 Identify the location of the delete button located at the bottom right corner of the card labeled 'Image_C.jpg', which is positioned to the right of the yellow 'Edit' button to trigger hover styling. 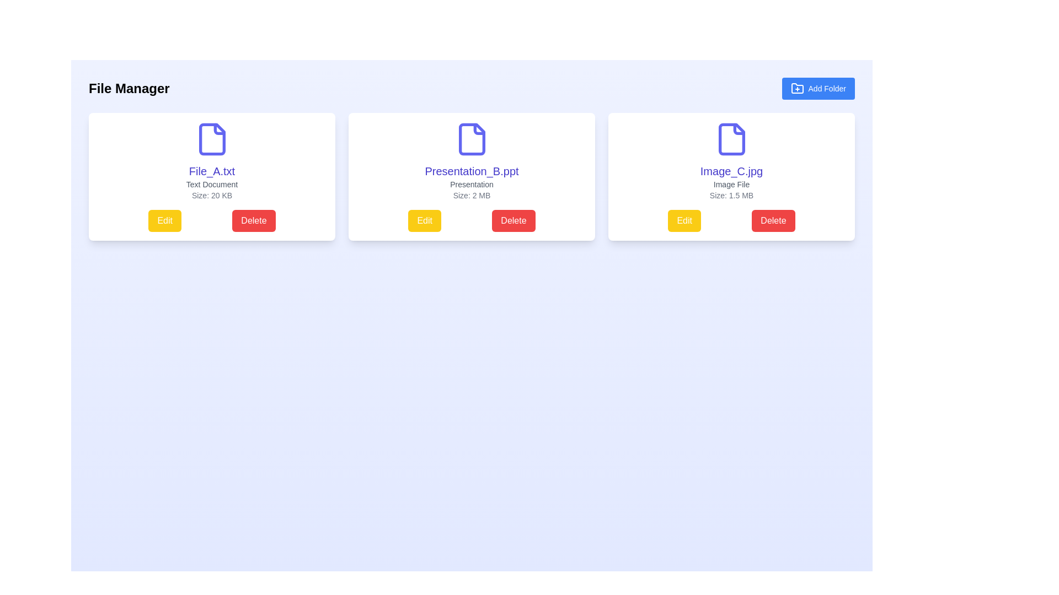
(773, 221).